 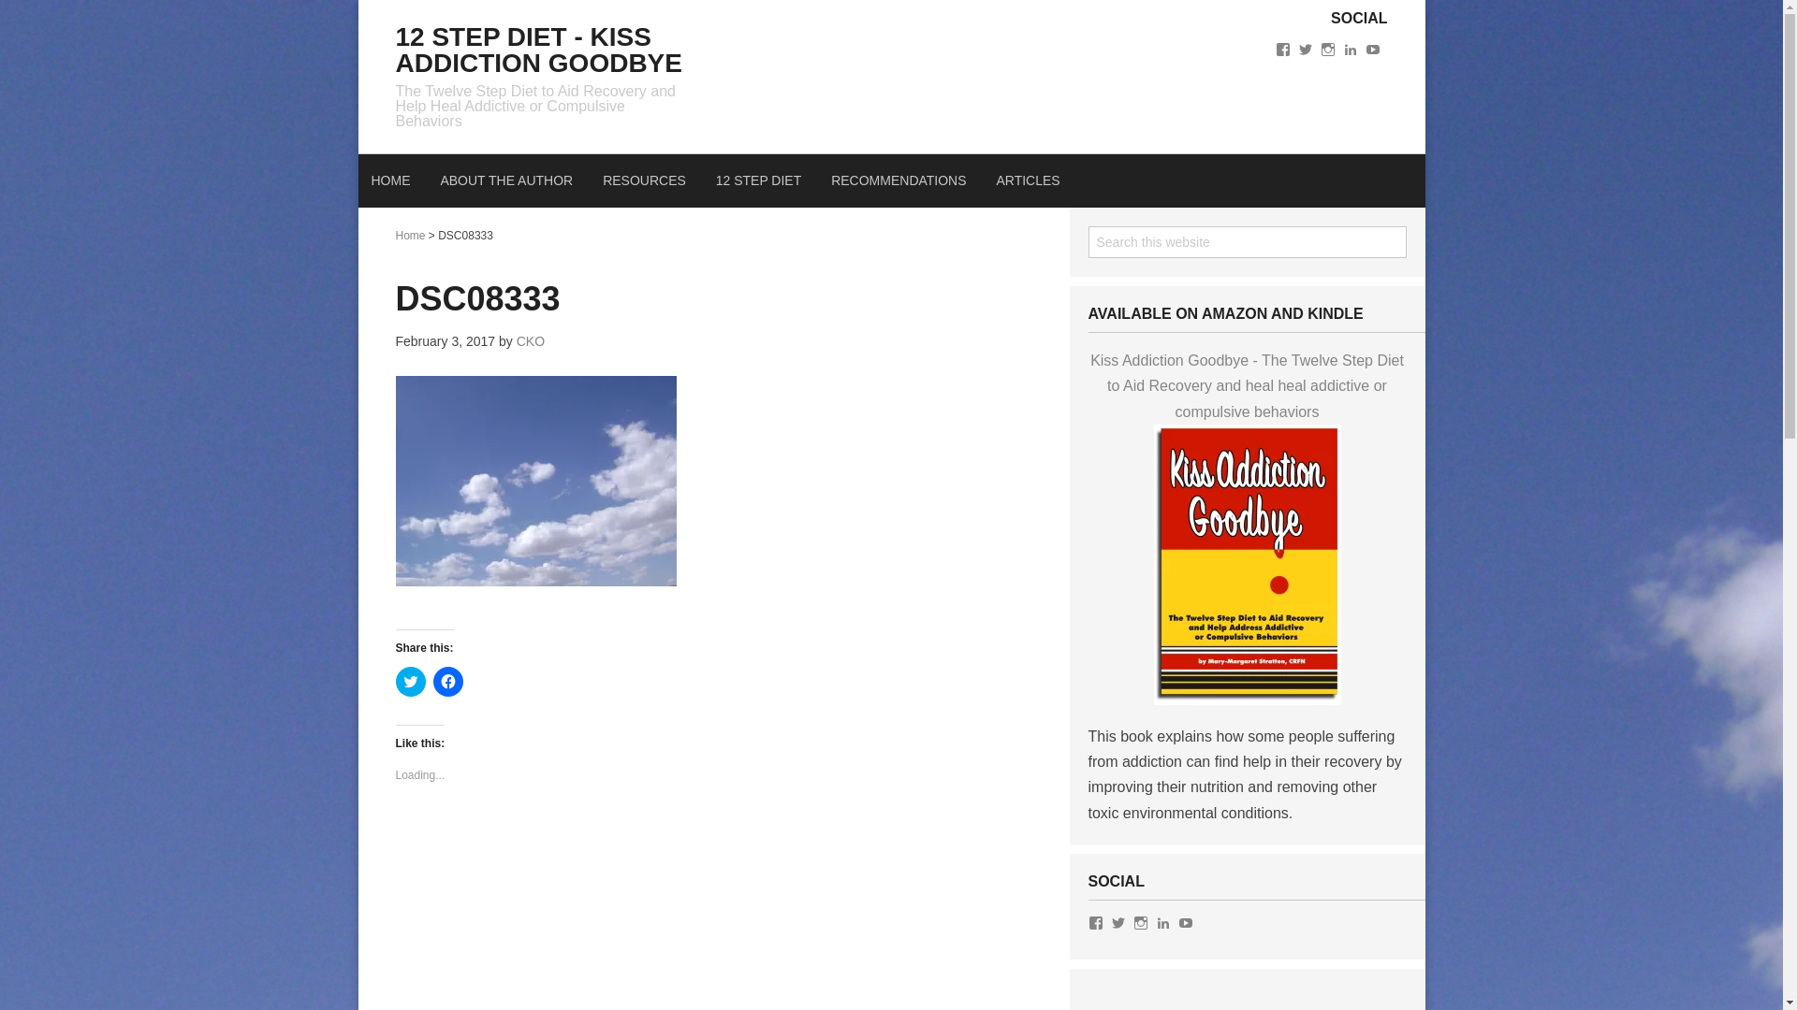 I want to click on 'Home', so click(x=408, y=234).